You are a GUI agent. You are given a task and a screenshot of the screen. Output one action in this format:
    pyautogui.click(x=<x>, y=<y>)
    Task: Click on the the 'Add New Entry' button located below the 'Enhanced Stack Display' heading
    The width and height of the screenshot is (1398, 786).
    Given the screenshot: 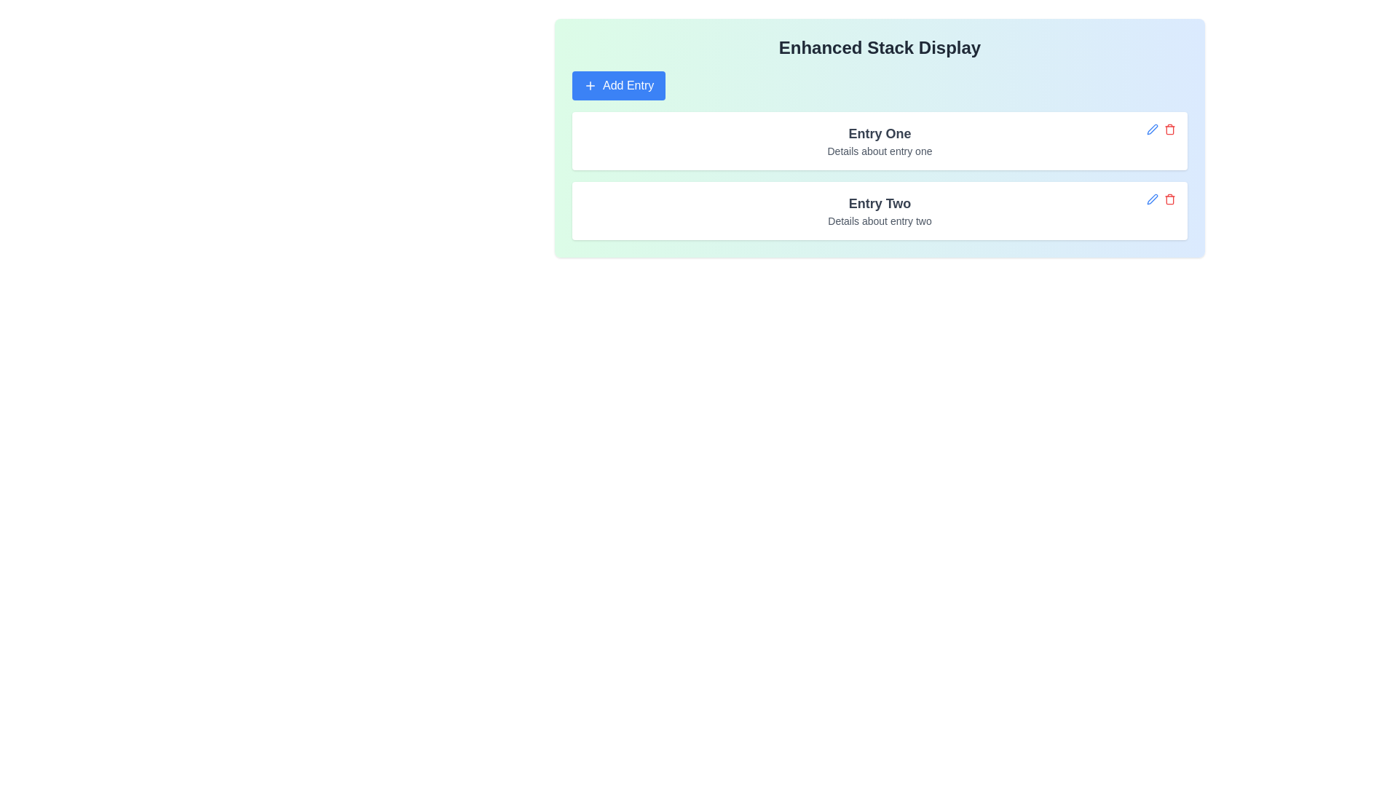 What is the action you would take?
    pyautogui.click(x=618, y=86)
    